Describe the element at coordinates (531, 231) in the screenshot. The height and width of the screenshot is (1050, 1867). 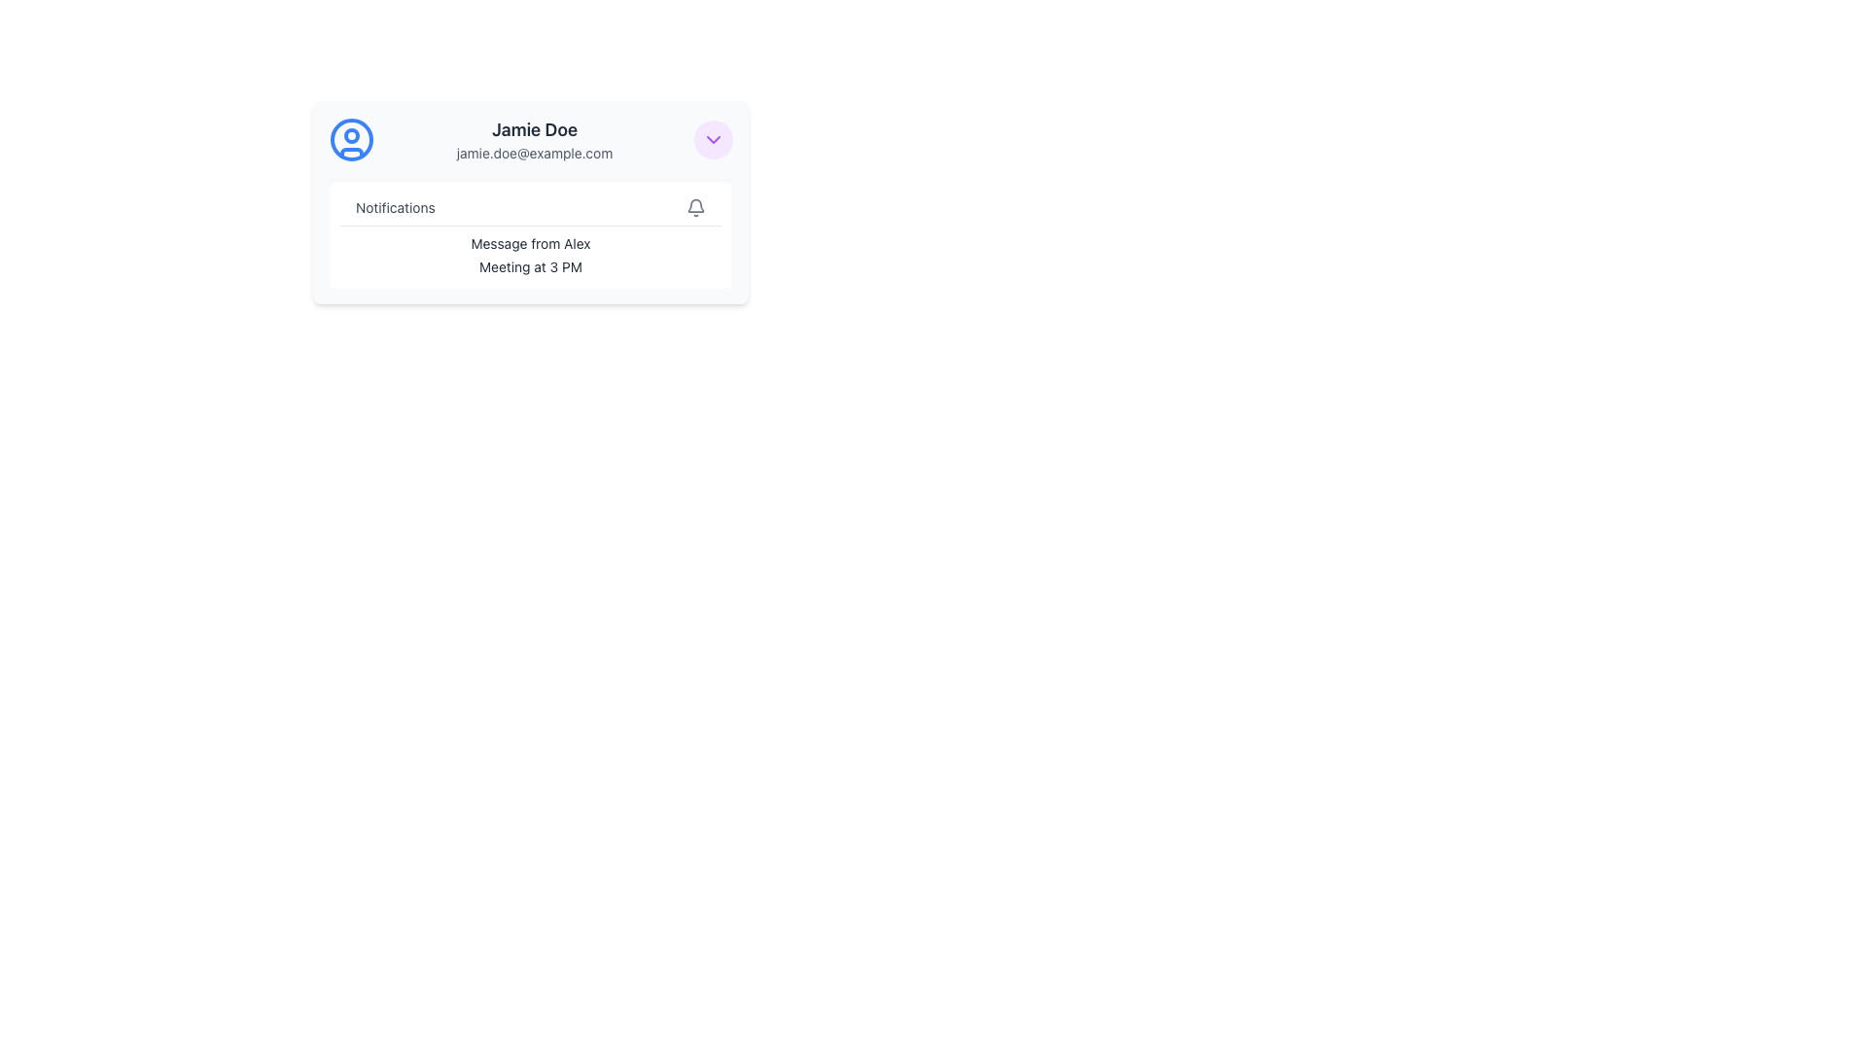
I see `the notification by clicking on the notification card titled 'Notifications', which contains a message from Alex about a meeting at 3 PM` at that location.